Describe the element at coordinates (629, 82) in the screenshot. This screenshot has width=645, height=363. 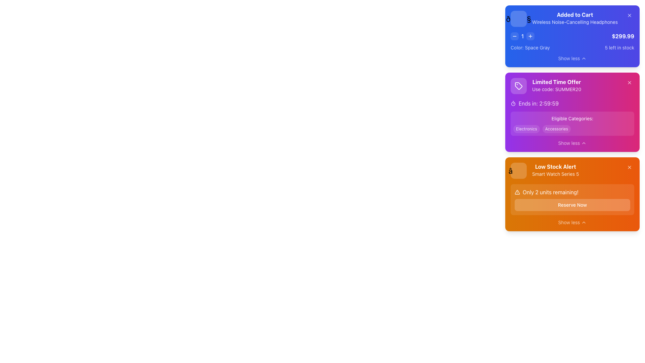
I see `the circular button with a dark background and white 'X' icon located in the top-right corner of the purple card titled 'Limited Time Offer'` at that location.